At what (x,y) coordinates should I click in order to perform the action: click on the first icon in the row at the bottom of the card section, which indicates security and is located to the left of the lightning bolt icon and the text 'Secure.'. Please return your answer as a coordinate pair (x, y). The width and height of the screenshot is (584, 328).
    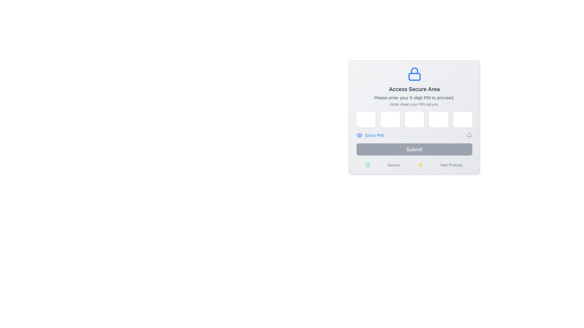
    Looking at the image, I should click on (367, 165).